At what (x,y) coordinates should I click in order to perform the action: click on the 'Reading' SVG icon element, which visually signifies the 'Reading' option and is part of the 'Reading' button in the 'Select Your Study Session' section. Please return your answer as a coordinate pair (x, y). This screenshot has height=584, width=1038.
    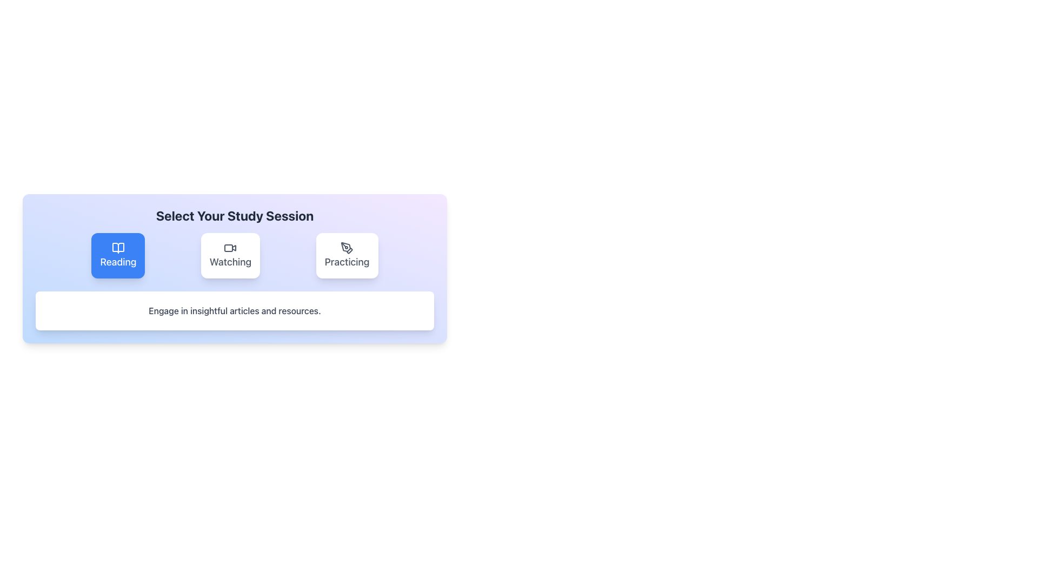
    Looking at the image, I should click on (118, 248).